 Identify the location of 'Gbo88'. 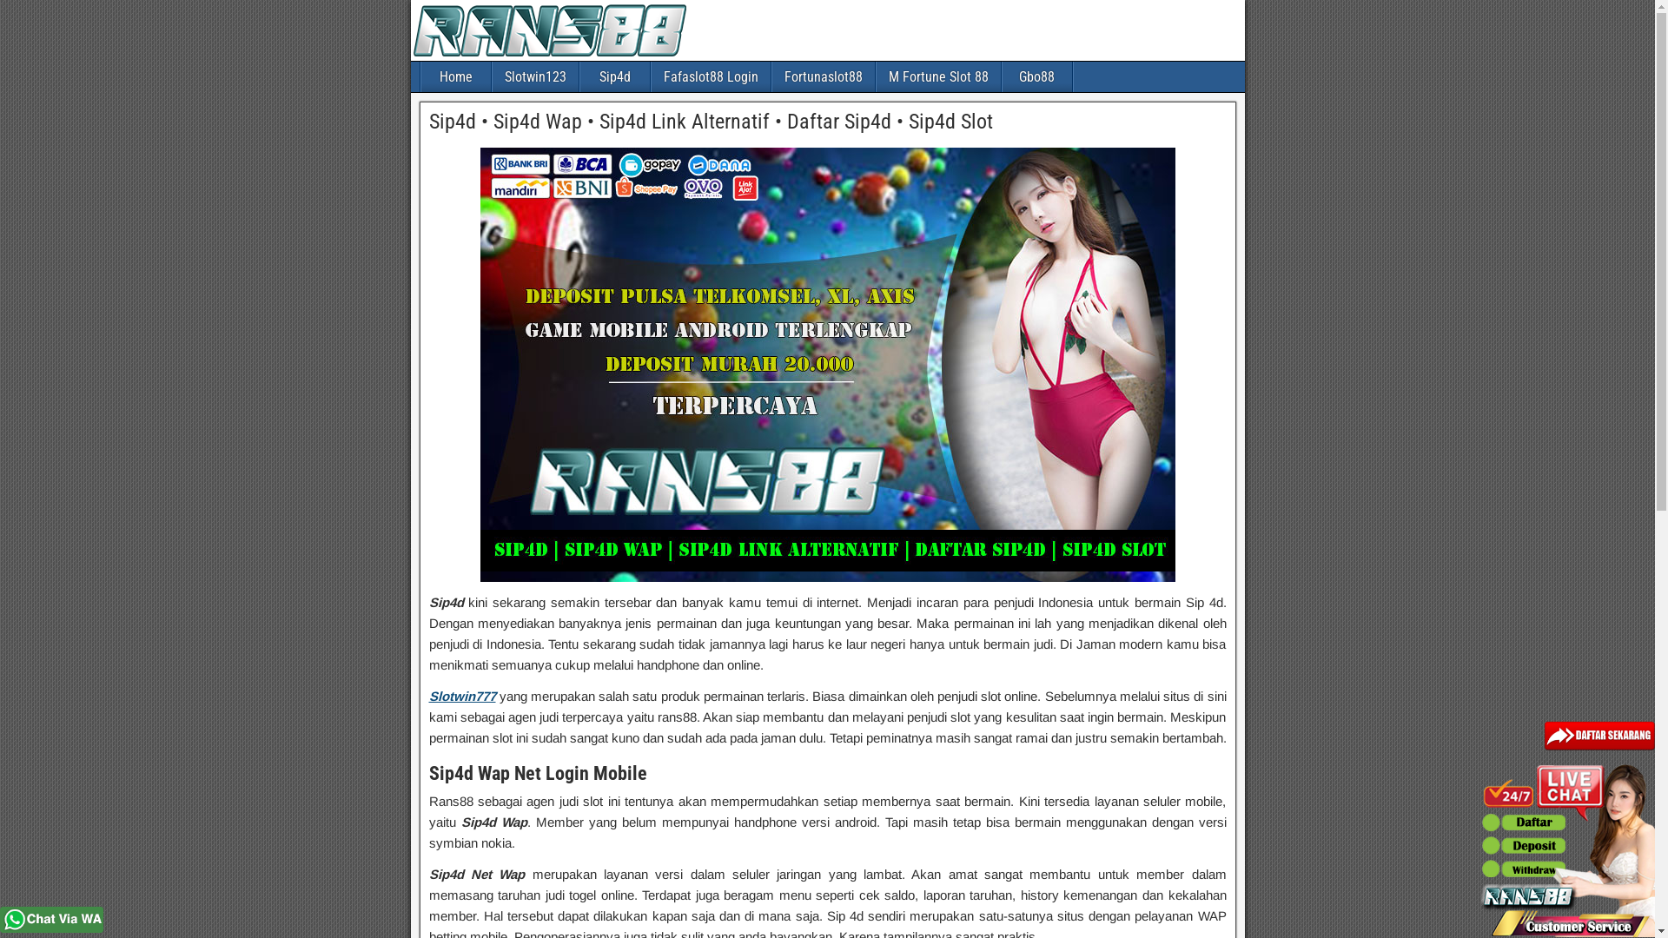
(1002, 76).